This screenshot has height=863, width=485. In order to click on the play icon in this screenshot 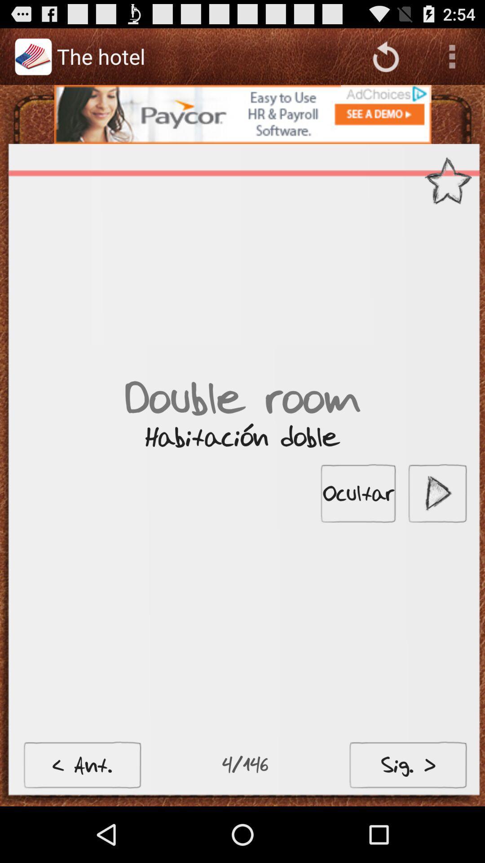, I will do `click(437, 528)`.